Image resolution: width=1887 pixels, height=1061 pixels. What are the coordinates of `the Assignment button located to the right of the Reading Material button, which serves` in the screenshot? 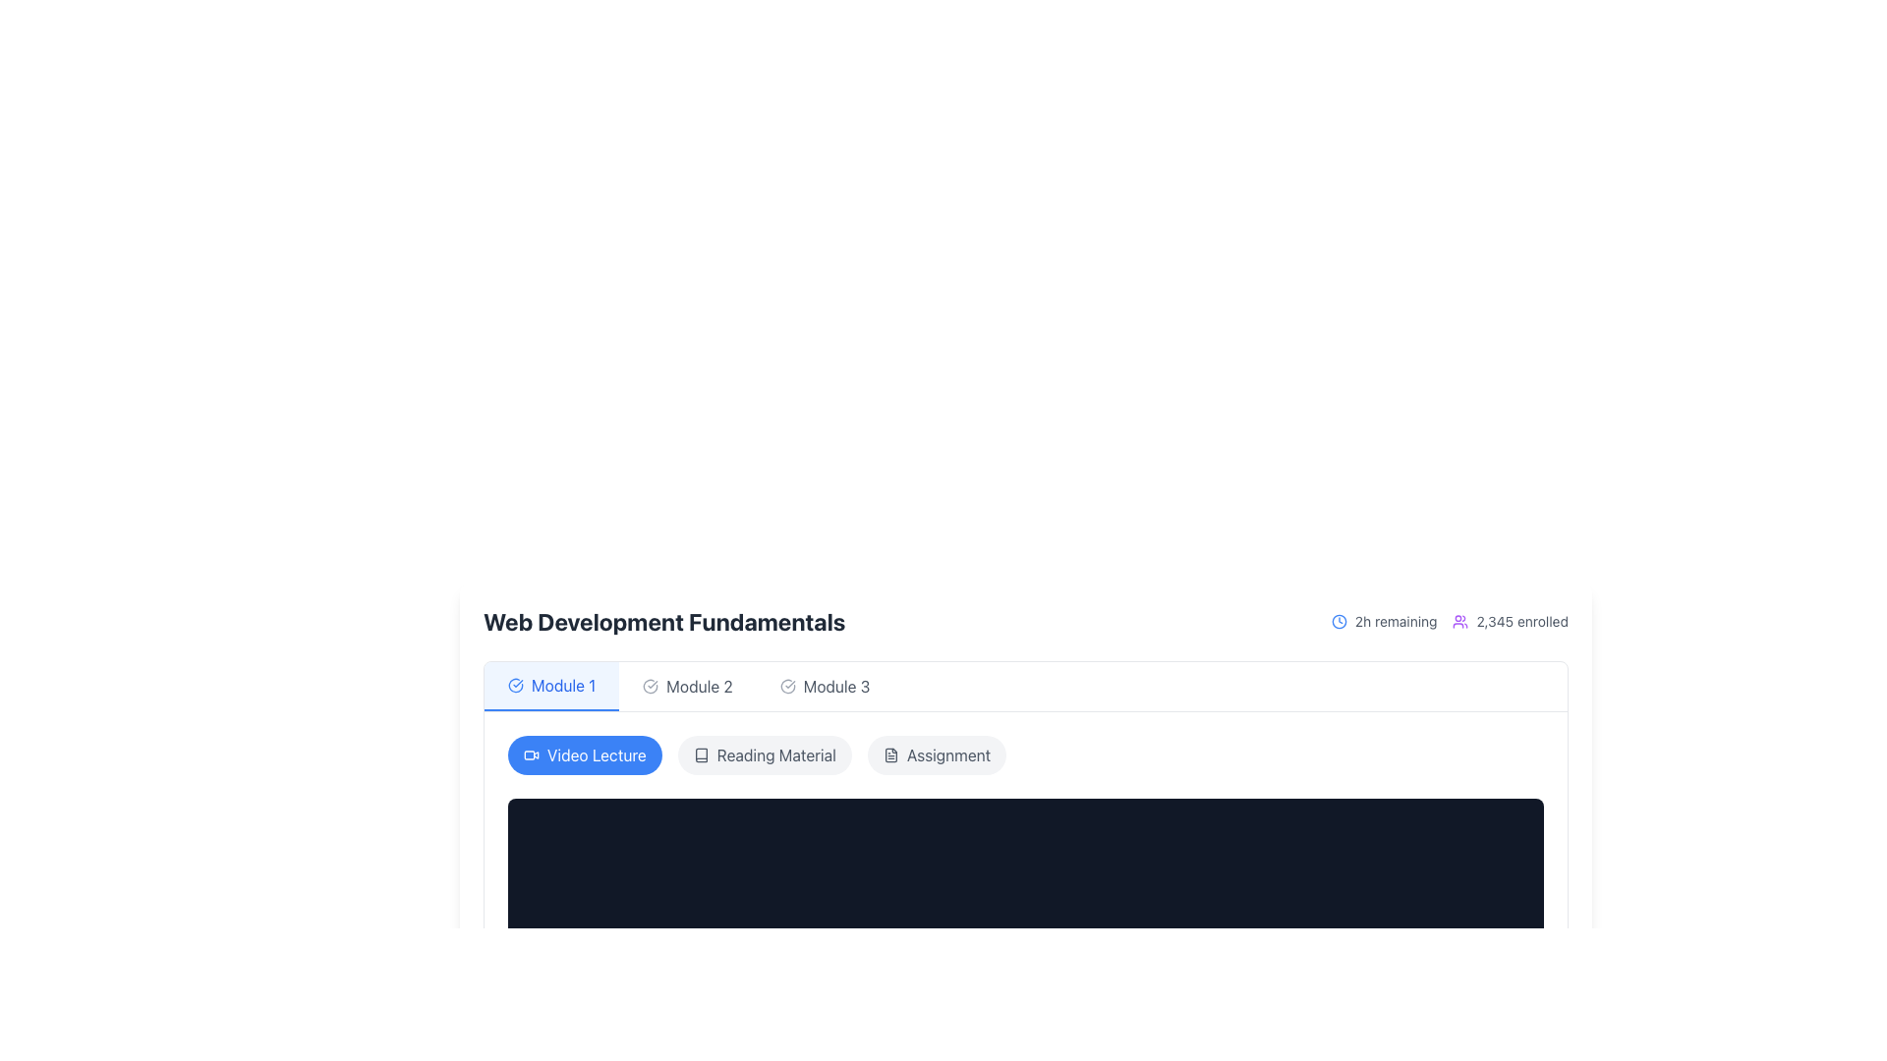 It's located at (936, 754).